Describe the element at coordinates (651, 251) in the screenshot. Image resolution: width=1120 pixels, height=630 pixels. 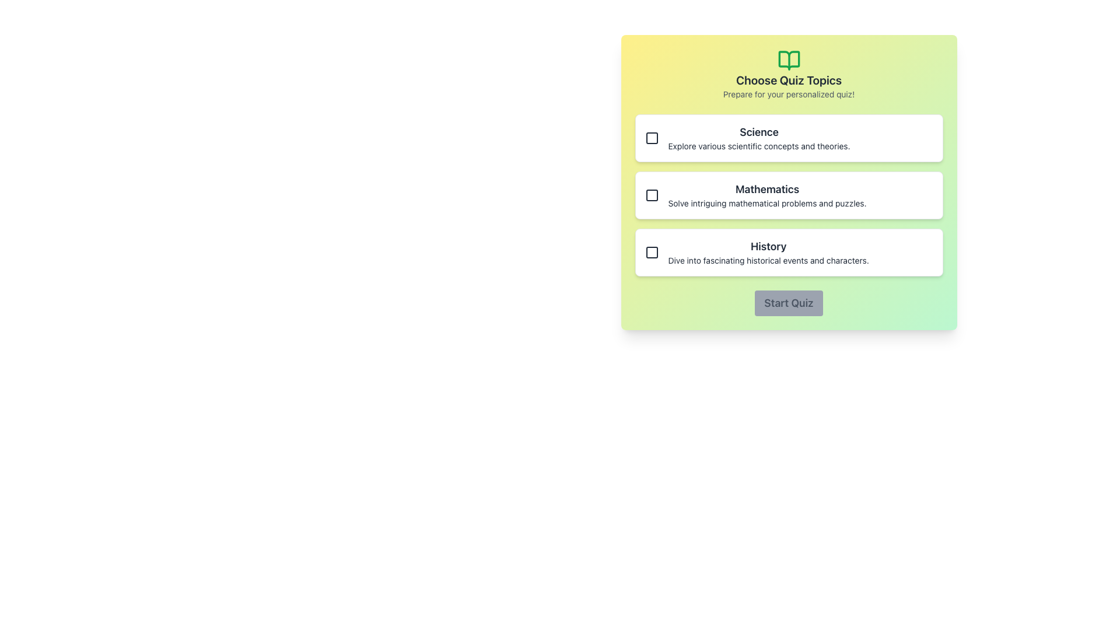
I see `the checkbox for the topic 'History' to enable keyboard interaction` at that location.